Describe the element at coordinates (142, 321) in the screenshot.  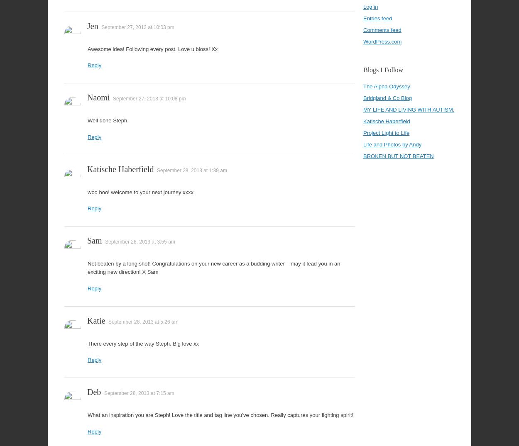
I see `'September 28, 2013 at 5:26 am'` at that location.